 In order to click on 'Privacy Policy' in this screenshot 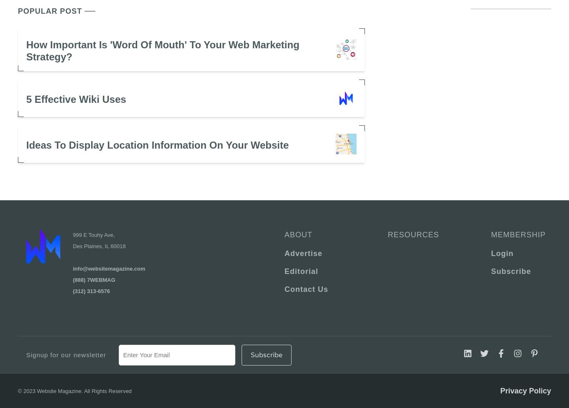, I will do `click(525, 390)`.